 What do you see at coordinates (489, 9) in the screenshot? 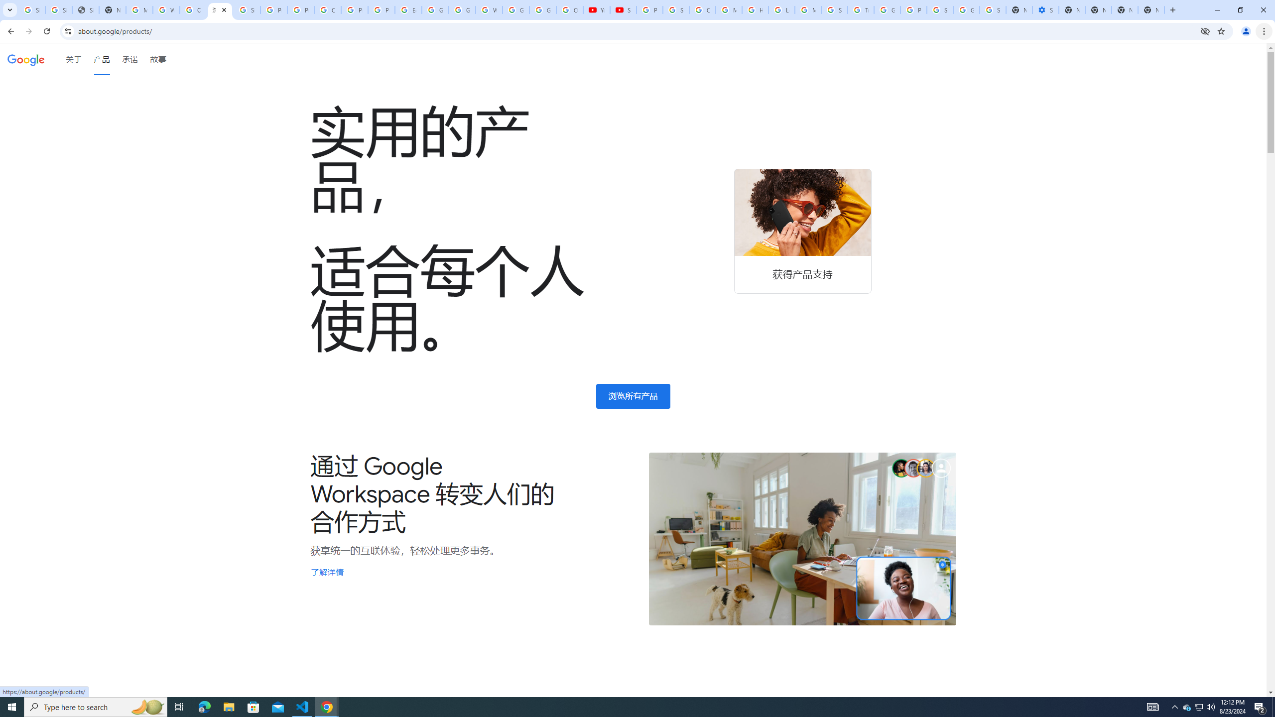
I see `'Welcome to My Activity'` at bounding box center [489, 9].